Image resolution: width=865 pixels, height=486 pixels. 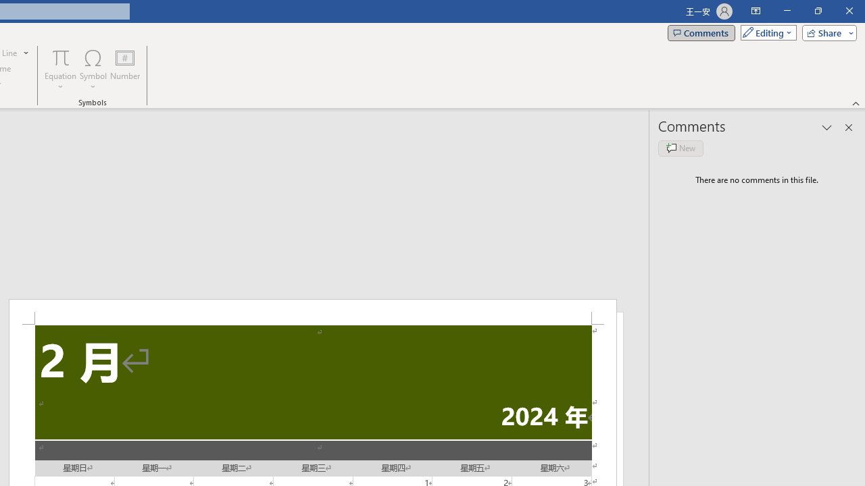 What do you see at coordinates (60, 57) in the screenshot?
I see `'Equation'` at bounding box center [60, 57].